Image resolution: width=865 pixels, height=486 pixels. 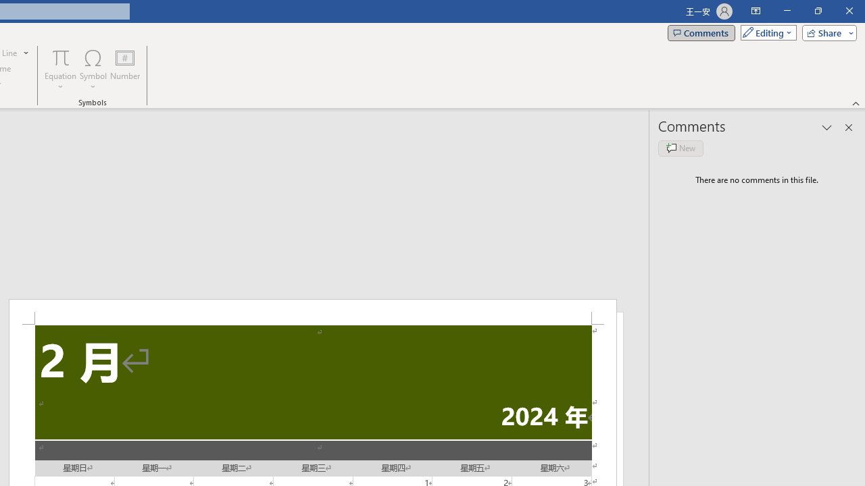 What do you see at coordinates (60, 57) in the screenshot?
I see `'Equation'` at bounding box center [60, 57].